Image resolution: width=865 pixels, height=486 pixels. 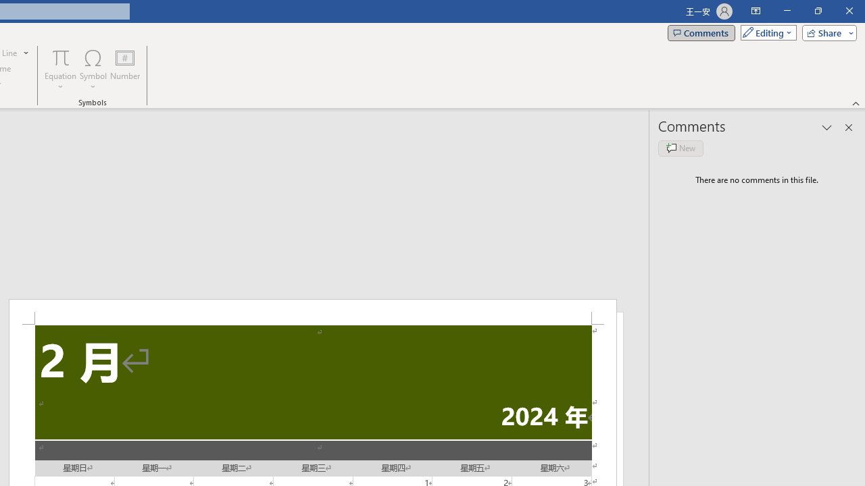 What do you see at coordinates (60, 57) in the screenshot?
I see `'Equation'` at bounding box center [60, 57].